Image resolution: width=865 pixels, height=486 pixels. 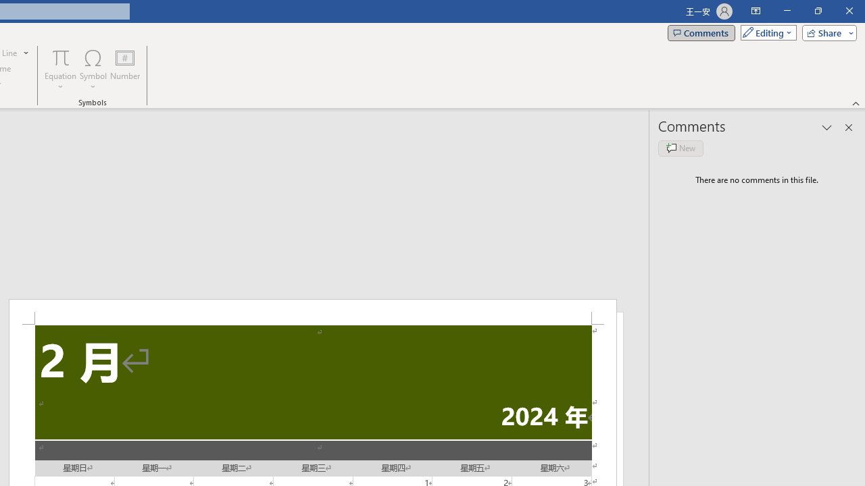 What do you see at coordinates (60, 57) in the screenshot?
I see `'Equation'` at bounding box center [60, 57].